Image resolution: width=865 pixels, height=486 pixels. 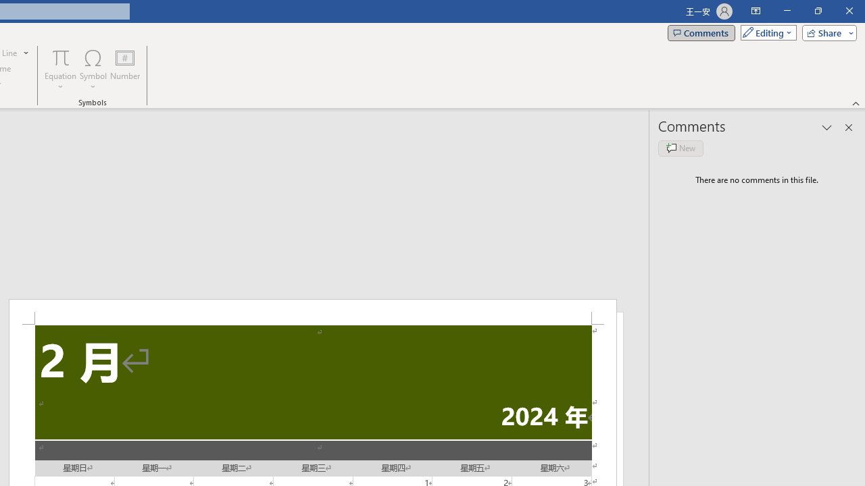 What do you see at coordinates (60, 57) in the screenshot?
I see `'Equation'` at bounding box center [60, 57].